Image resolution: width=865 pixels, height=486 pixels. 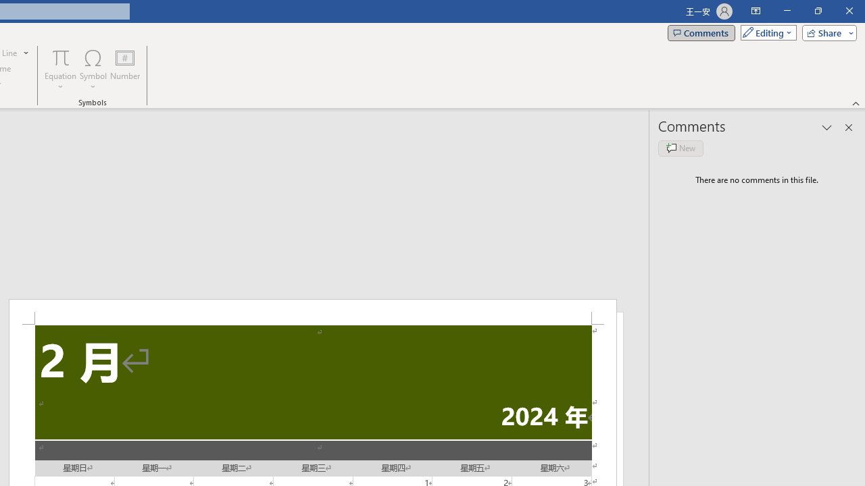 What do you see at coordinates (60, 57) in the screenshot?
I see `'Equation'` at bounding box center [60, 57].